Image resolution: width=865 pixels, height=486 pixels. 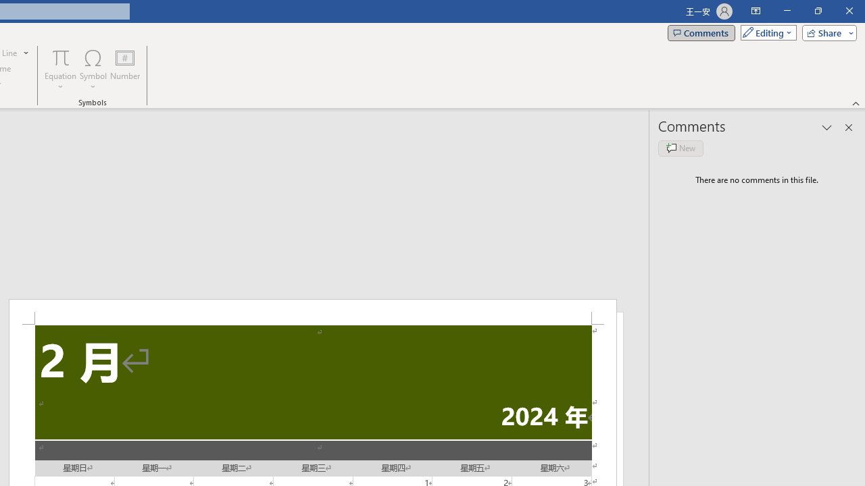 What do you see at coordinates (60, 57) in the screenshot?
I see `'Equation'` at bounding box center [60, 57].